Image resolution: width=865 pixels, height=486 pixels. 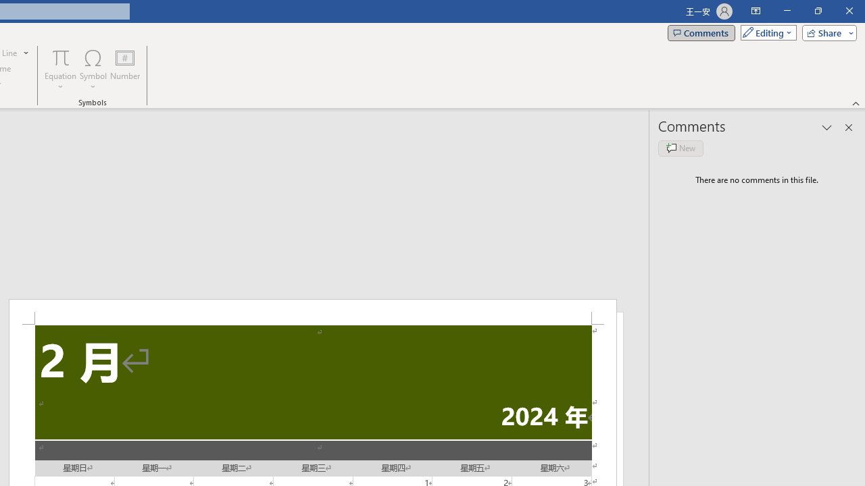 What do you see at coordinates (60, 57) in the screenshot?
I see `'Equation'` at bounding box center [60, 57].